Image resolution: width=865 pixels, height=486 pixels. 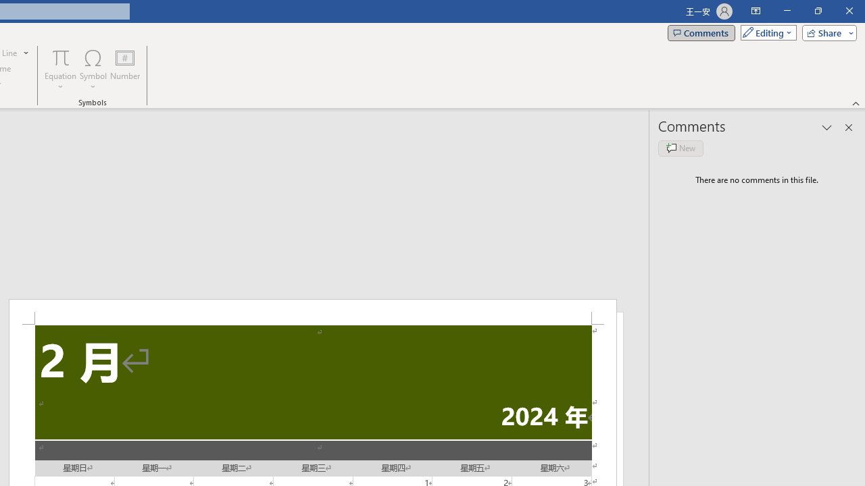 What do you see at coordinates (60, 57) in the screenshot?
I see `'Equation'` at bounding box center [60, 57].